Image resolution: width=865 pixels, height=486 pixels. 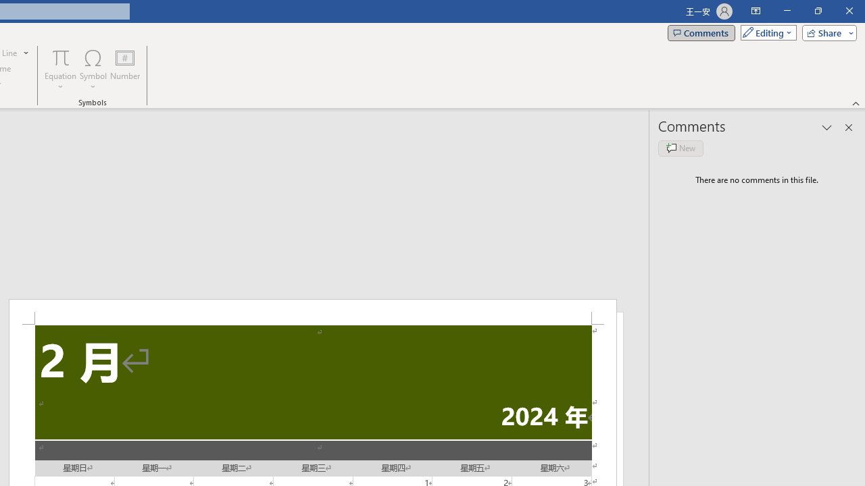 What do you see at coordinates (60, 57) in the screenshot?
I see `'Equation'` at bounding box center [60, 57].